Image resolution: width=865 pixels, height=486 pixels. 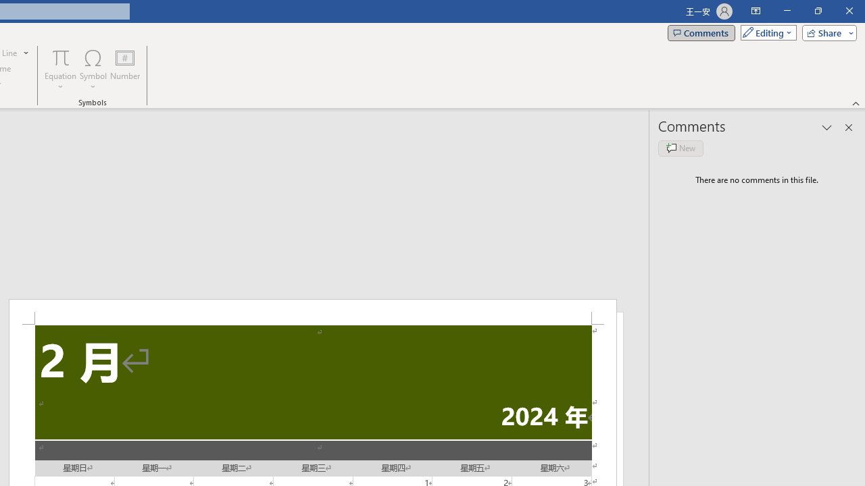 What do you see at coordinates (60, 57) in the screenshot?
I see `'Equation'` at bounding box center [60, 57].